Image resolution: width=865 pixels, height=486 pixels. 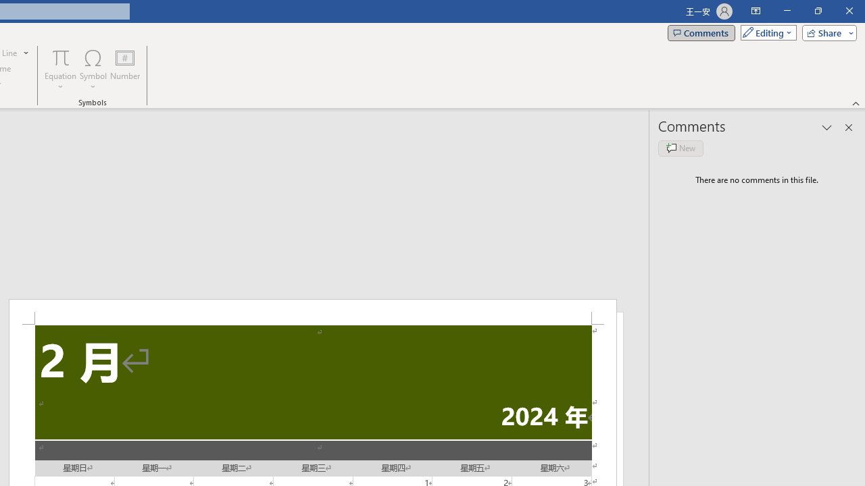 What do you see at coordinates (60, 57) in the screenshot?
I see `'Equation'` at bounding box center [60, 57].